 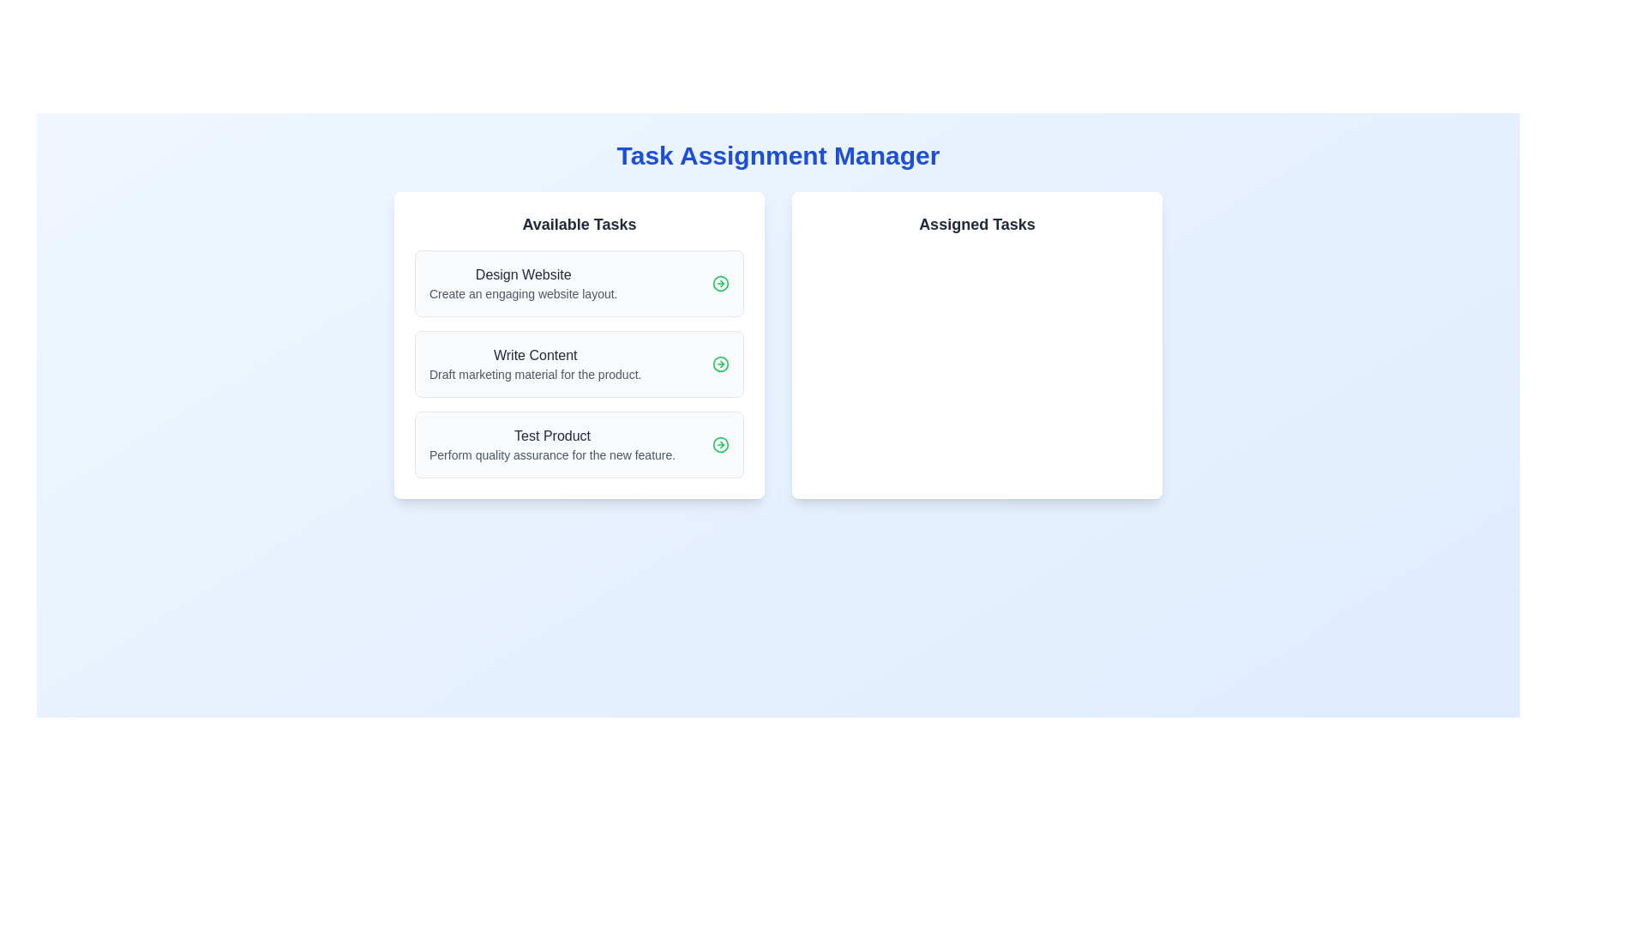 I want to click on the interactive button with an arrow icon enclosed in a circle located at the top-right corner of the 'Design Website' task card in the left panel under 'Available Tasks' to trigger visual feedback, so click(x=720, y=283).